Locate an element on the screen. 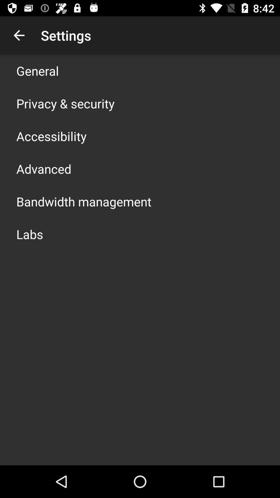 The image size is (280, 498). the app below the bandwidth management icon is located at coordinates (30, 234).